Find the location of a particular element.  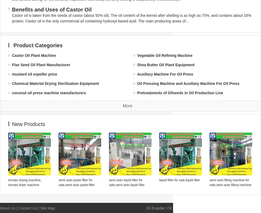

'Castor oil is taken from the seeds of castor (about 50% oil). The oil content of the kernel after shelling is as high as 70%, and contains about 18% protein. Castor oil is the only commercial oil containing hydroxyl-based acid. The main producing areas of...' is located at coordinates (12, 18).